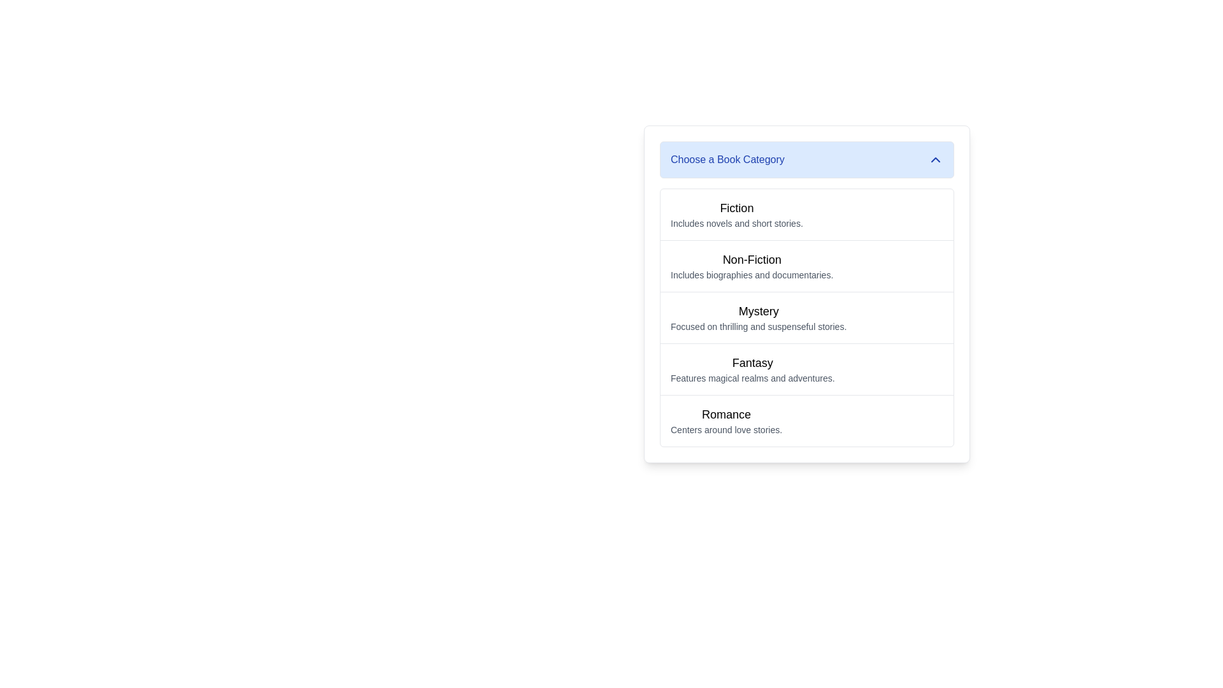 Image resolution: width=1223 pixels, height=688 pixels. Describe the element at coordinates (726, 415) in the screenshot. I see `text label that serves as the title for the 'Romance' book category, which is the last item in the vertical list of book categories` at that location.